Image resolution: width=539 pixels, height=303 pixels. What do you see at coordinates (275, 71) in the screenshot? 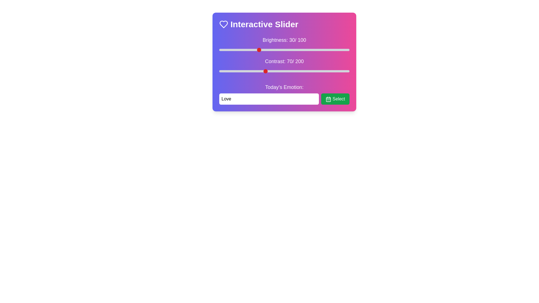
I see `the contrast slider to 85` at bounding box center [275, 71].